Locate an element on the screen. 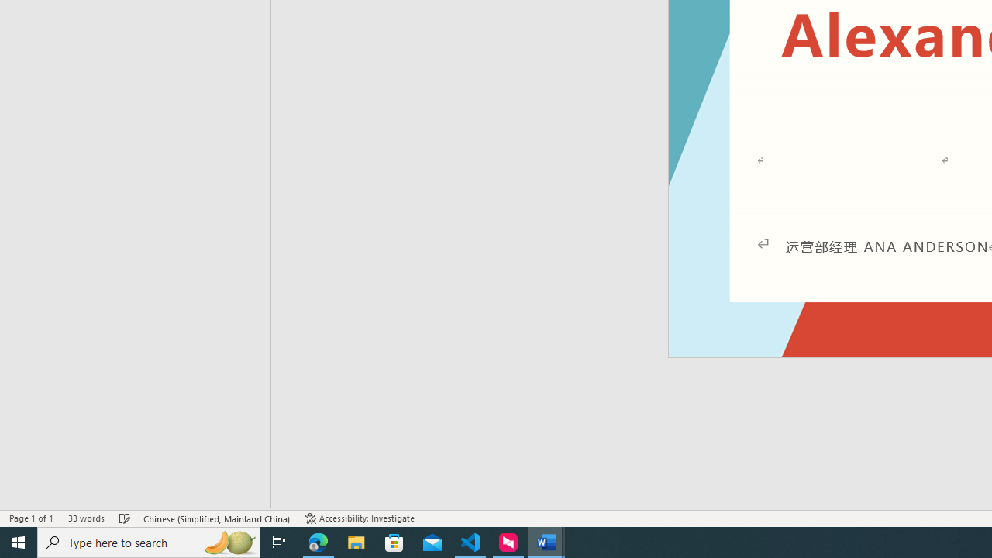 The height and width of the screenshot is (558, 992). 'Accessibility Checker Accessibility: Investigate' is located at coordinates (359, 518).